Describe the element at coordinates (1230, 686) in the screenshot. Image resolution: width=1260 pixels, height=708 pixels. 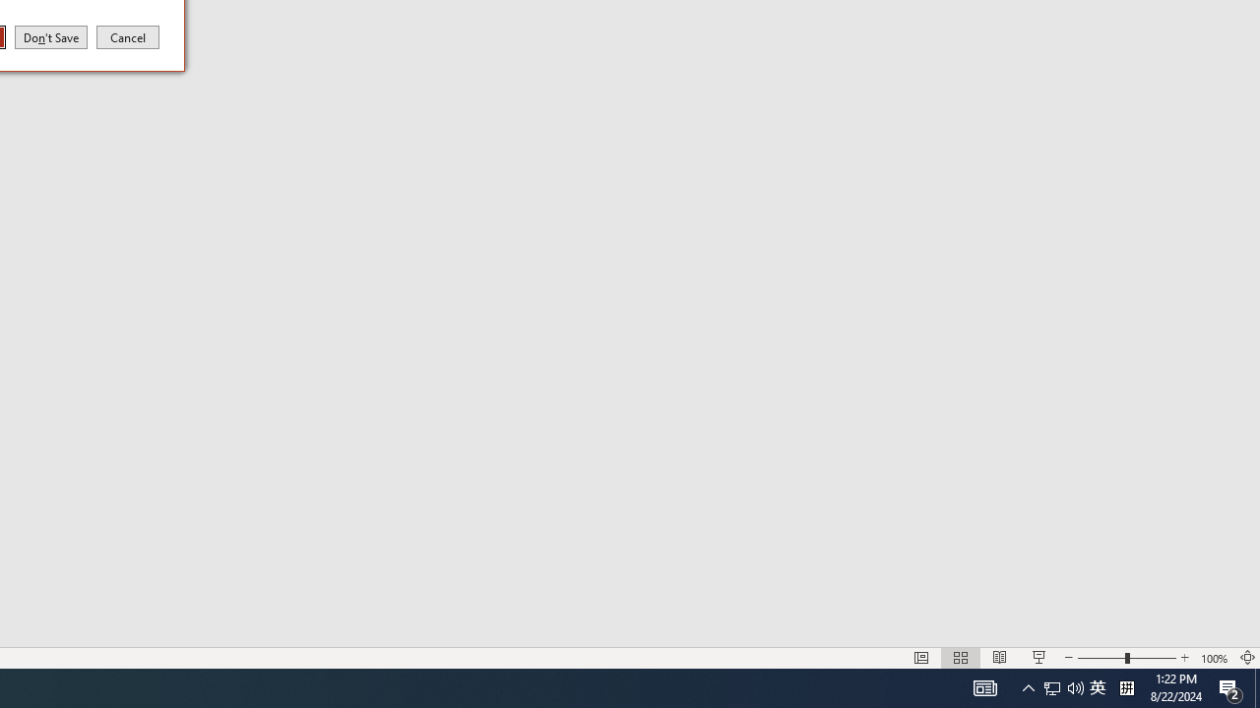
I see `'Action Center, 2 new notifications'` at that location.